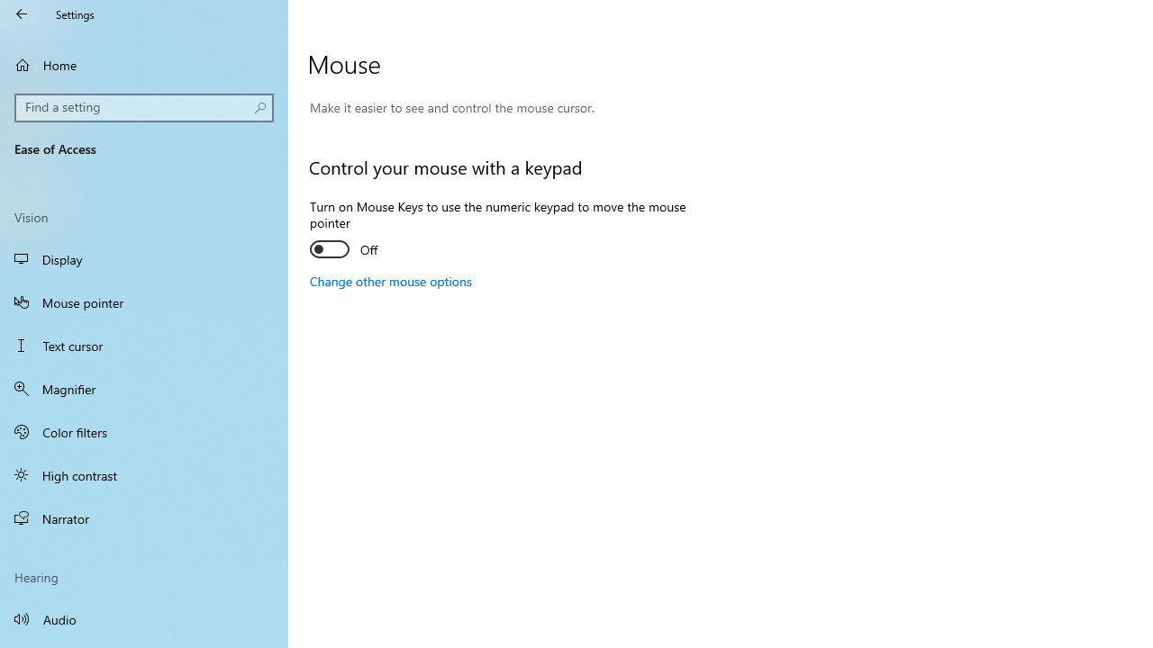 This screenshot has height=648, width=1153. Describe the element at coordinates (144, 301) in the screenshot. I see `'Mouse pointer'` at that location.